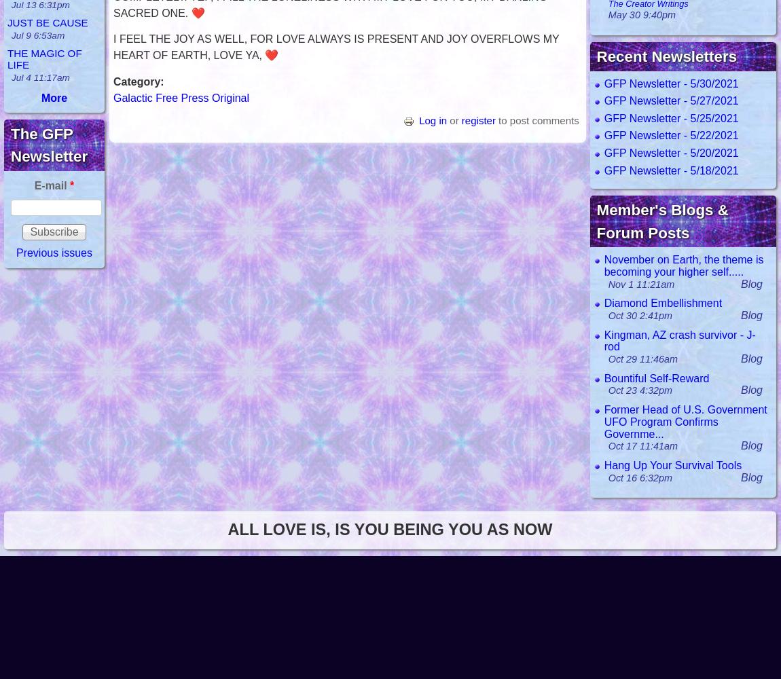  What do you see at coordinates (670, 82) in the screenshot?
I see `'GFP Newsletter - 5/30/2021'` at bounding box center [670, 82].